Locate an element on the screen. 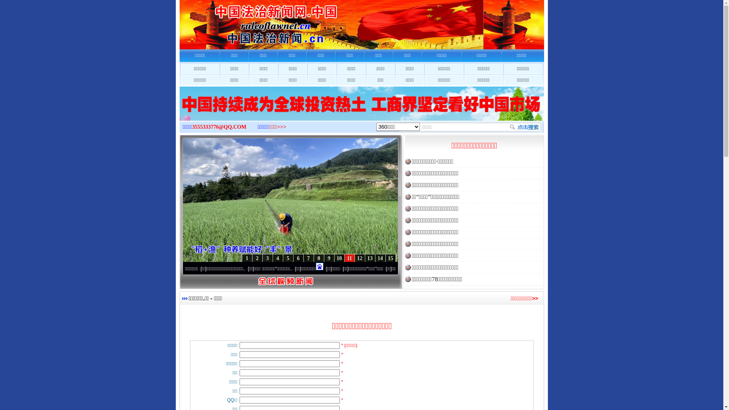 Image resolution: width=729 pixels, height=410 pixels. '3555333776@QQ.COM' is located at coordinates (219, 126).